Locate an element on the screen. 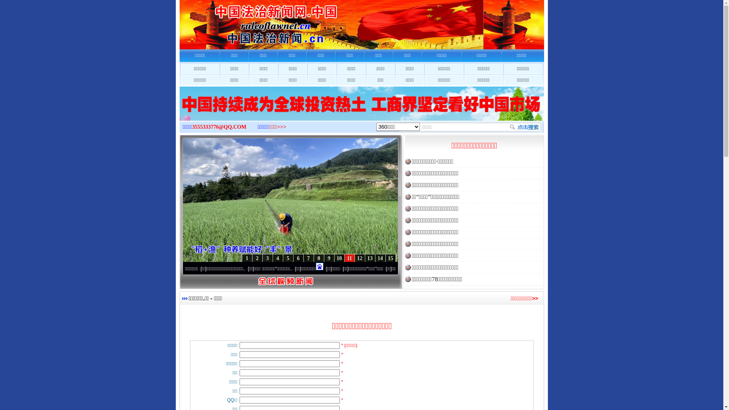 Image resolution: width=729 pixels, height=410 pixels. '3555333776@QQ.COM' is located at coordinates (219, 126).